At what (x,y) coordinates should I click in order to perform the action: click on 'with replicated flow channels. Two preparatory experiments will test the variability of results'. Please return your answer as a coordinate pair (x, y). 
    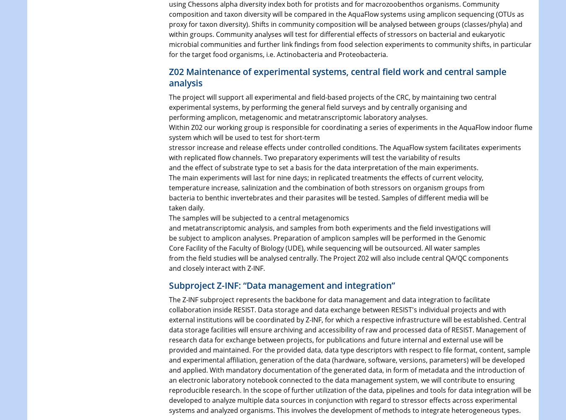
    Looking at the image, I should click on (169, 157).